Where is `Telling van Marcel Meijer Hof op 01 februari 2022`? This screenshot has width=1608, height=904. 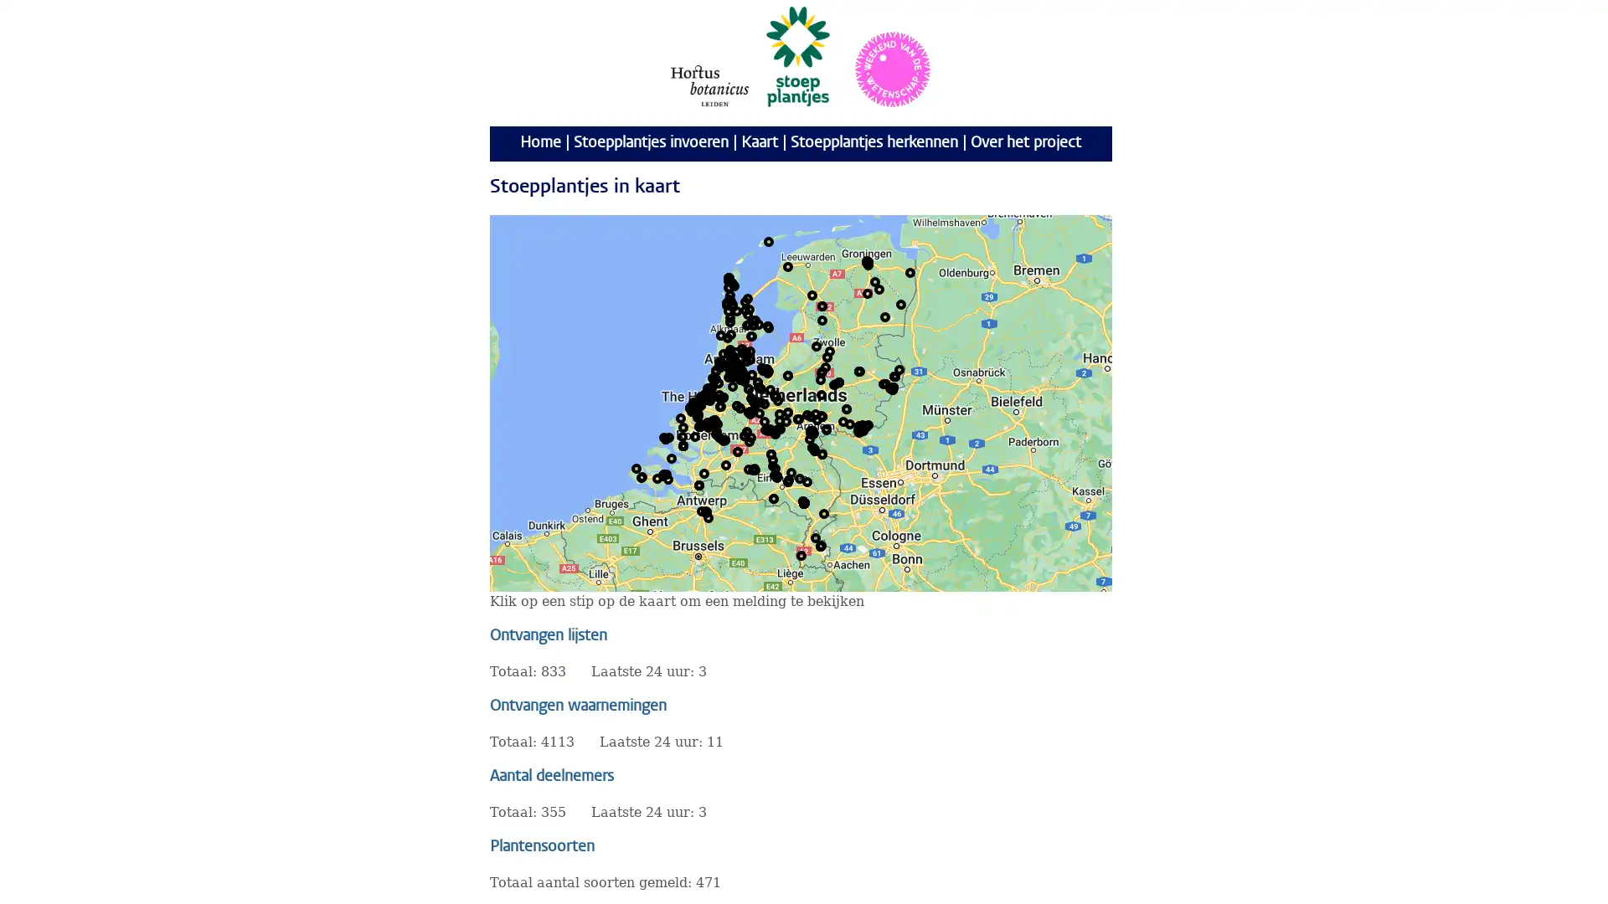
Telling van Marcel Meijer Hof op 01 februari 2022 is located at coordinates (891, 388).